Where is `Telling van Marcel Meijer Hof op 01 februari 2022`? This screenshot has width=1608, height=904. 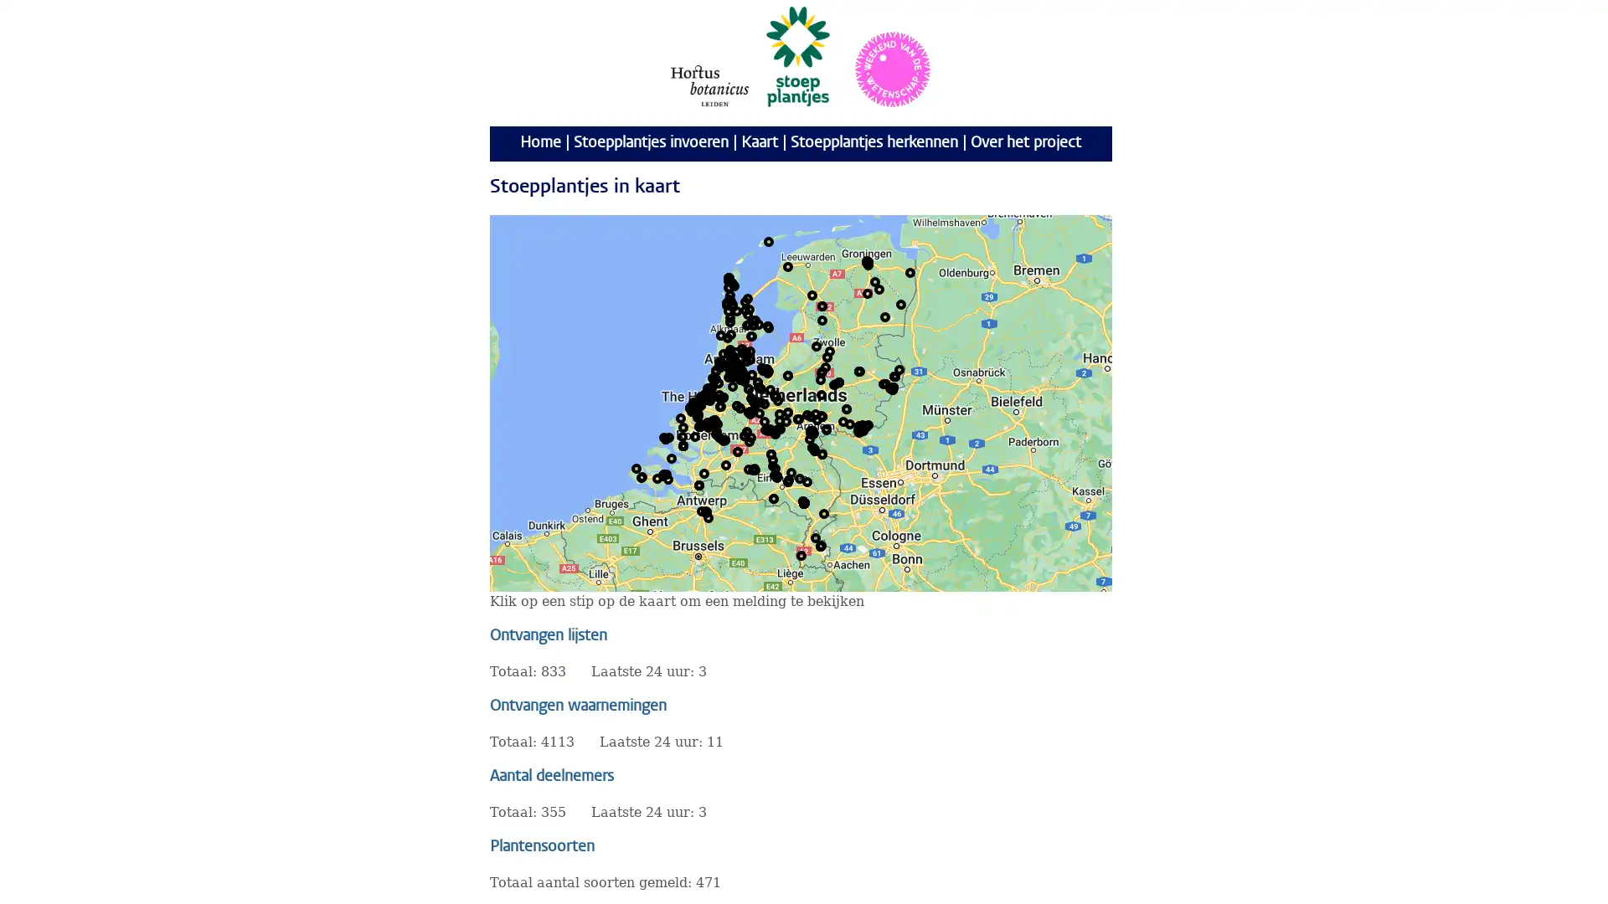
Telling van Marcel Meijer Hof op 01 februari 2022 is located at coordinates (891, 388).